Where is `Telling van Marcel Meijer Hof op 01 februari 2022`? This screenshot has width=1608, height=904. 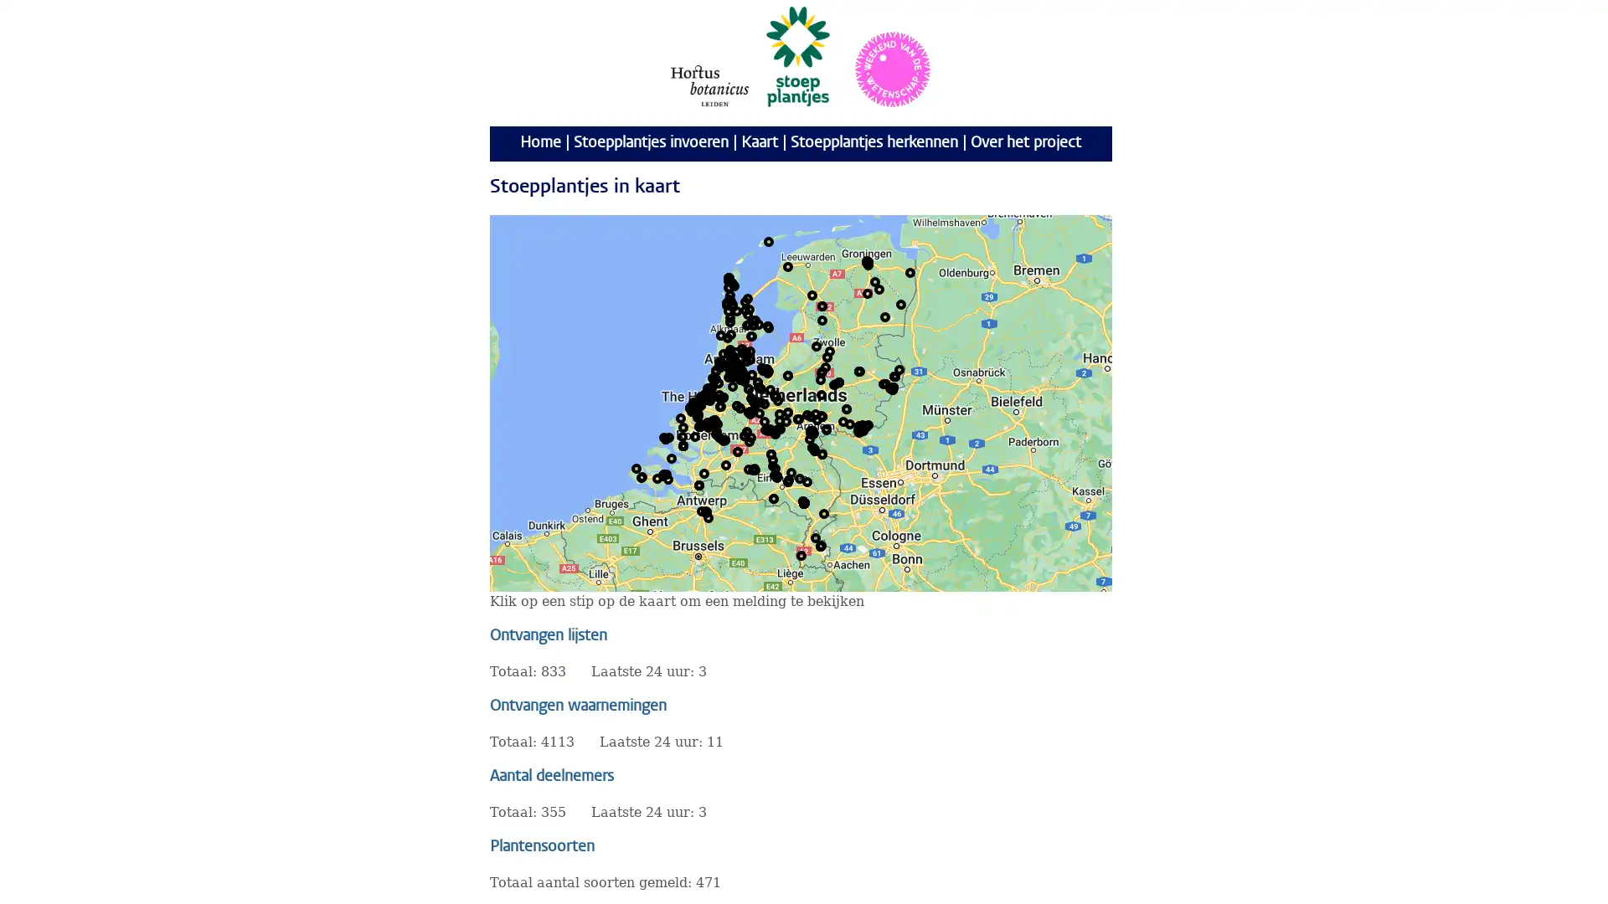
Telling van Marcel Meijer Hof op 01 februari 2022 is located at coordinates (891, 388).